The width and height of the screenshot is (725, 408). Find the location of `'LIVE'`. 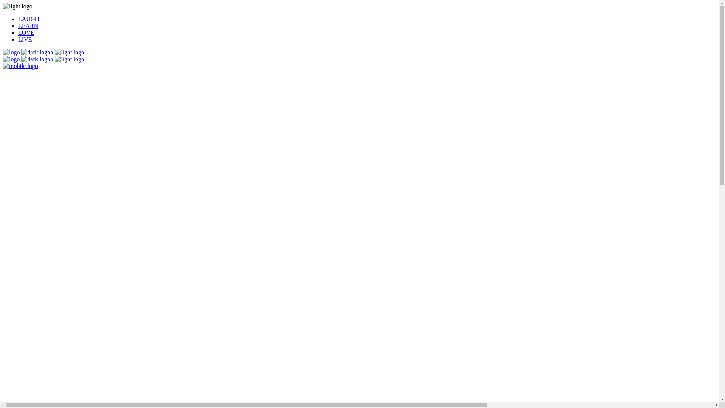

'LIVE' is located at coordinates (25, 39).